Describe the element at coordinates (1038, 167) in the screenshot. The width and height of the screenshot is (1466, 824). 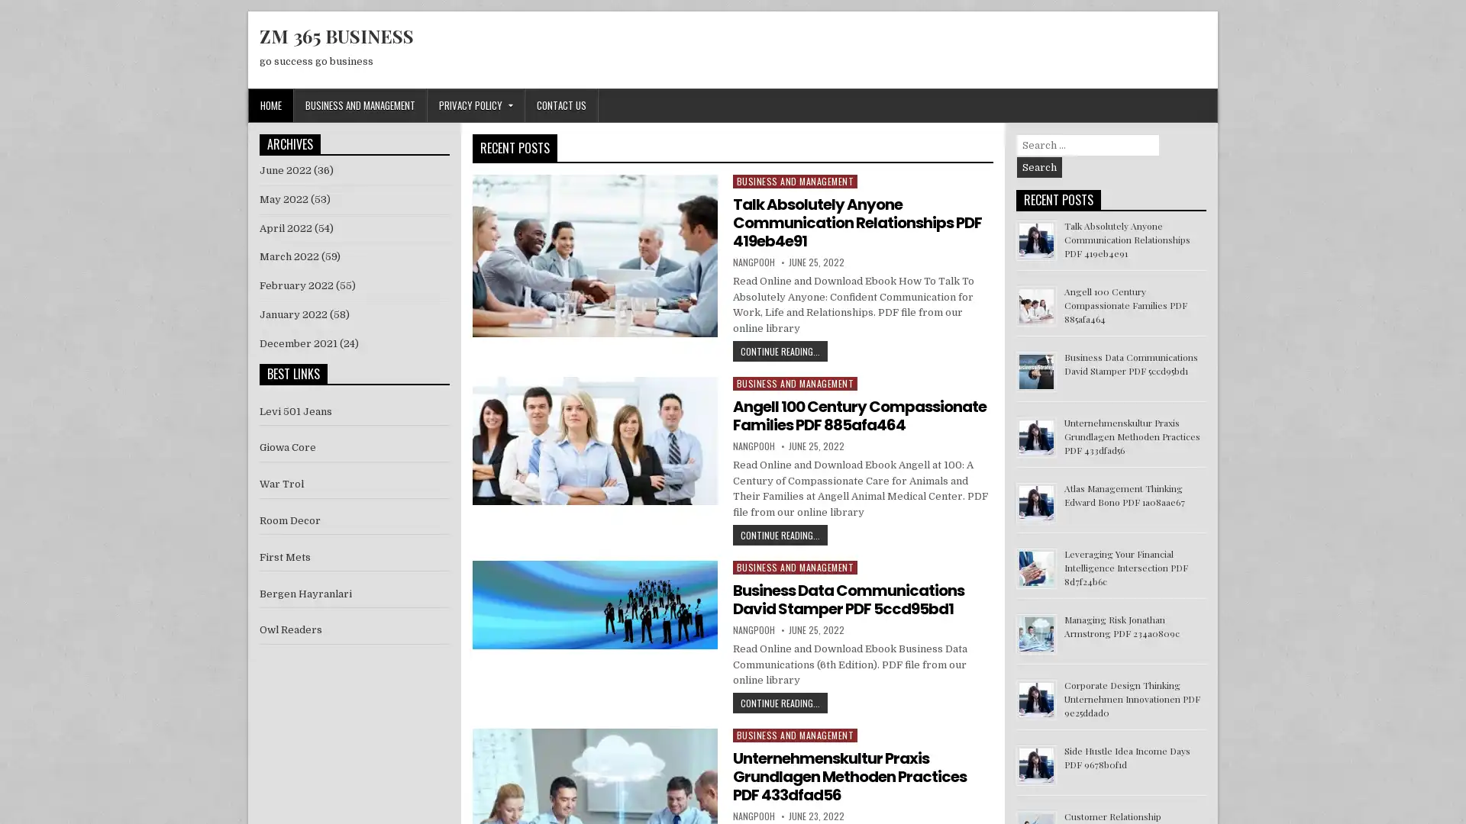
I see `Search` at that location.